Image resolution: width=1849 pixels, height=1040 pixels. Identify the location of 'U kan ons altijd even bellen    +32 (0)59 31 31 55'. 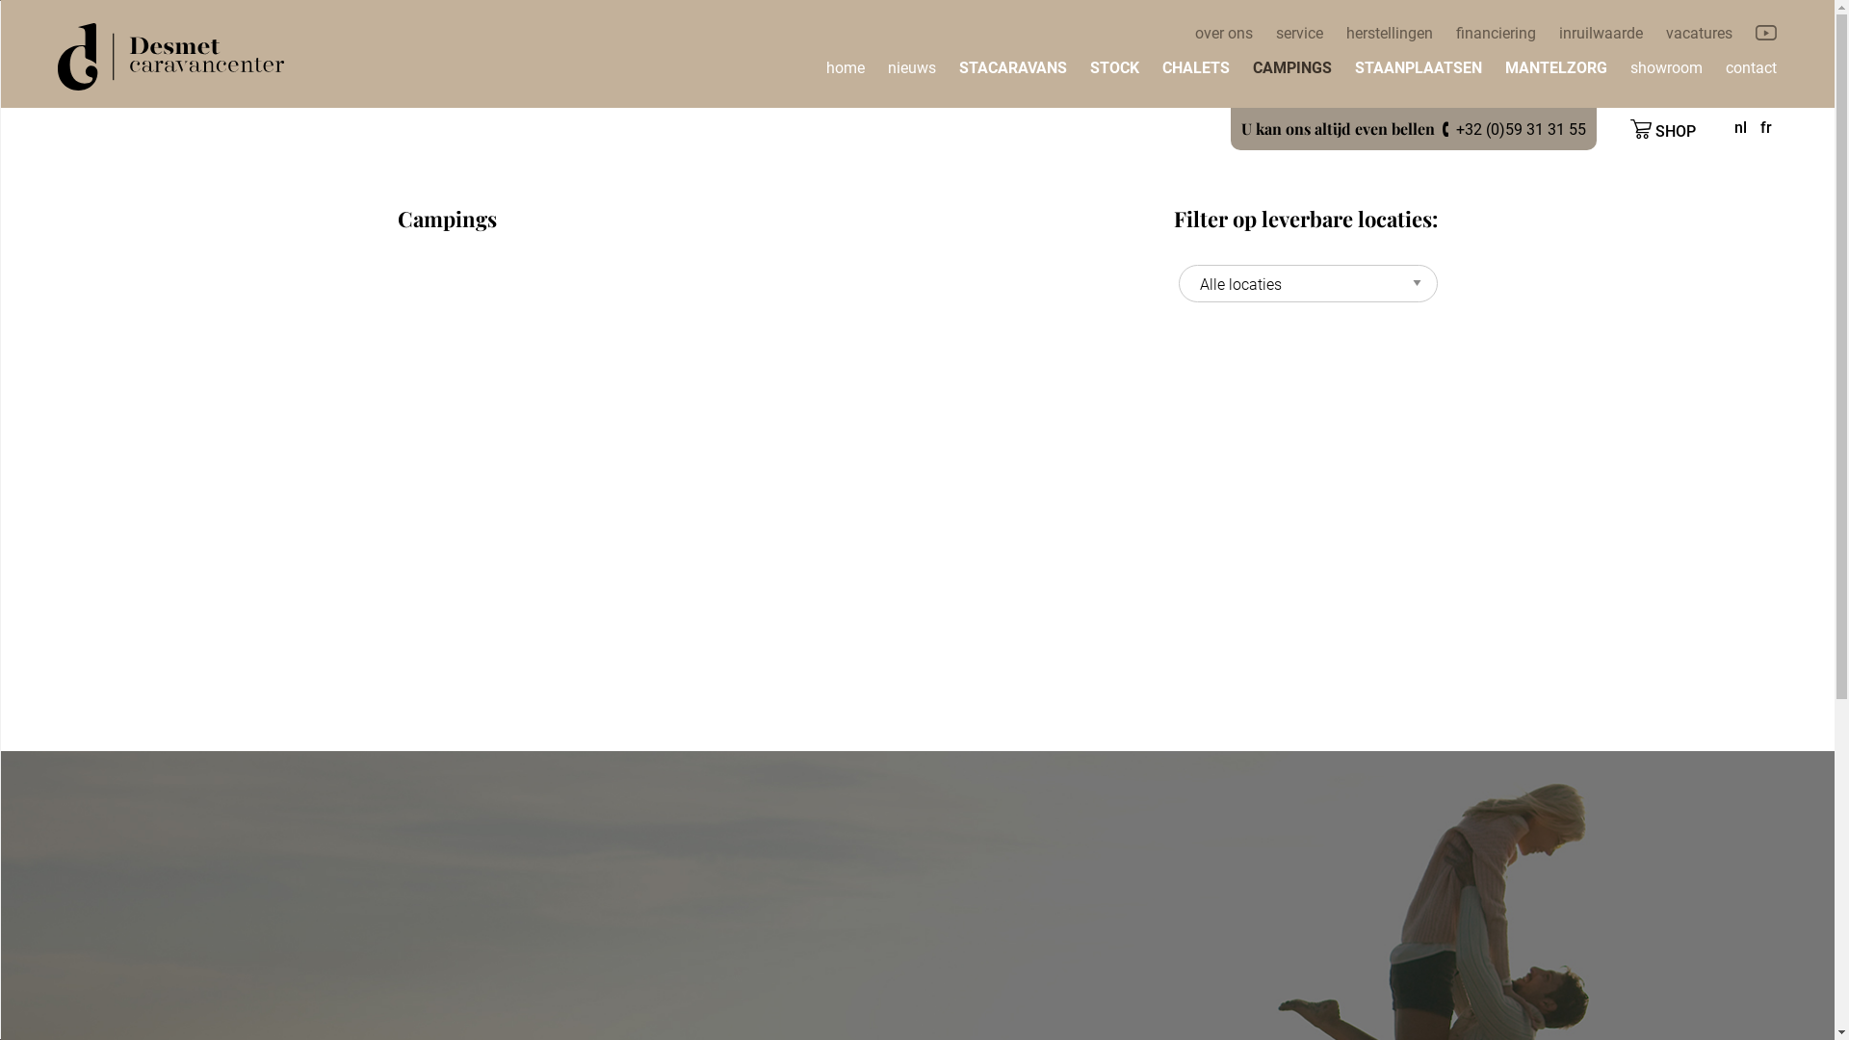
(1414, 129).